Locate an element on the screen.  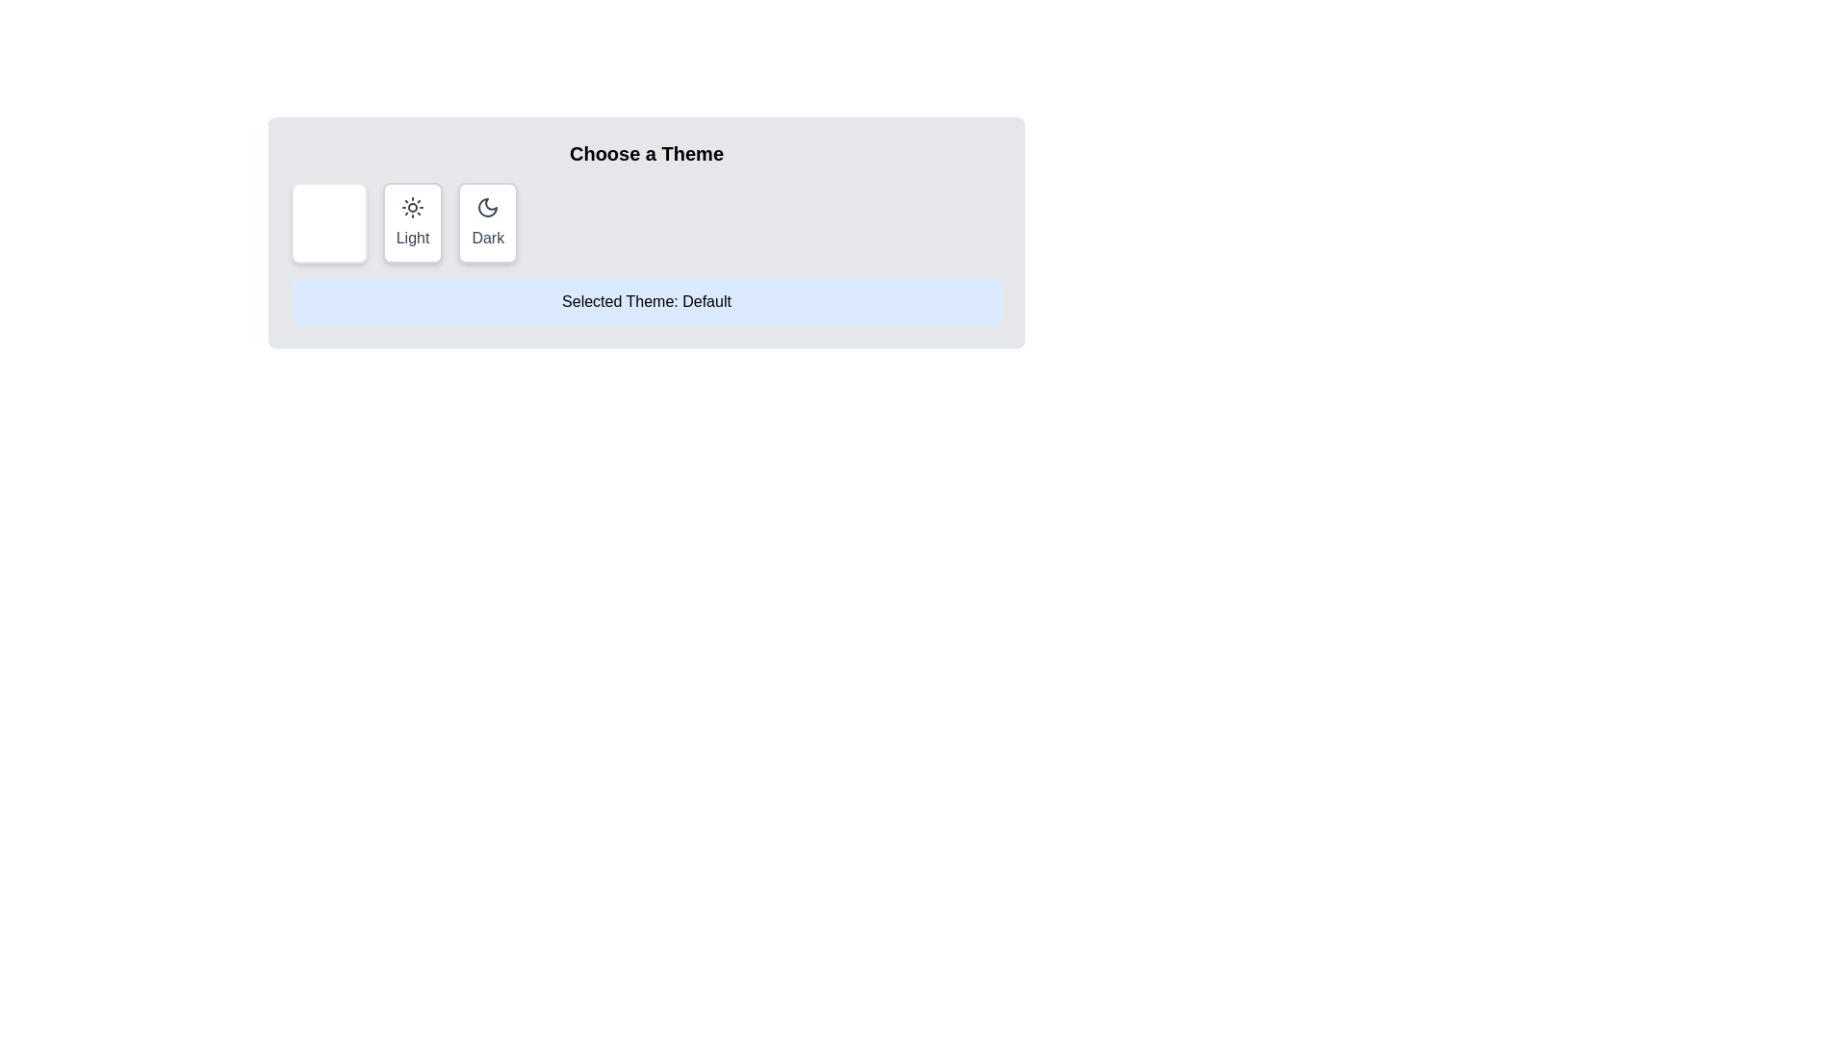
the decorative circular vector graphic representing a globe, located within the leftmost button of the 'Choose a Theme' section is located at coordinates (329, 208).